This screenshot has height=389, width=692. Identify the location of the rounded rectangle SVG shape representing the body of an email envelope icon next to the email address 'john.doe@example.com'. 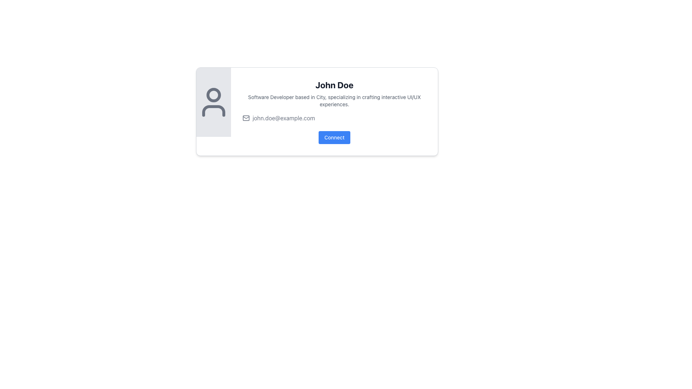
(246, 117).